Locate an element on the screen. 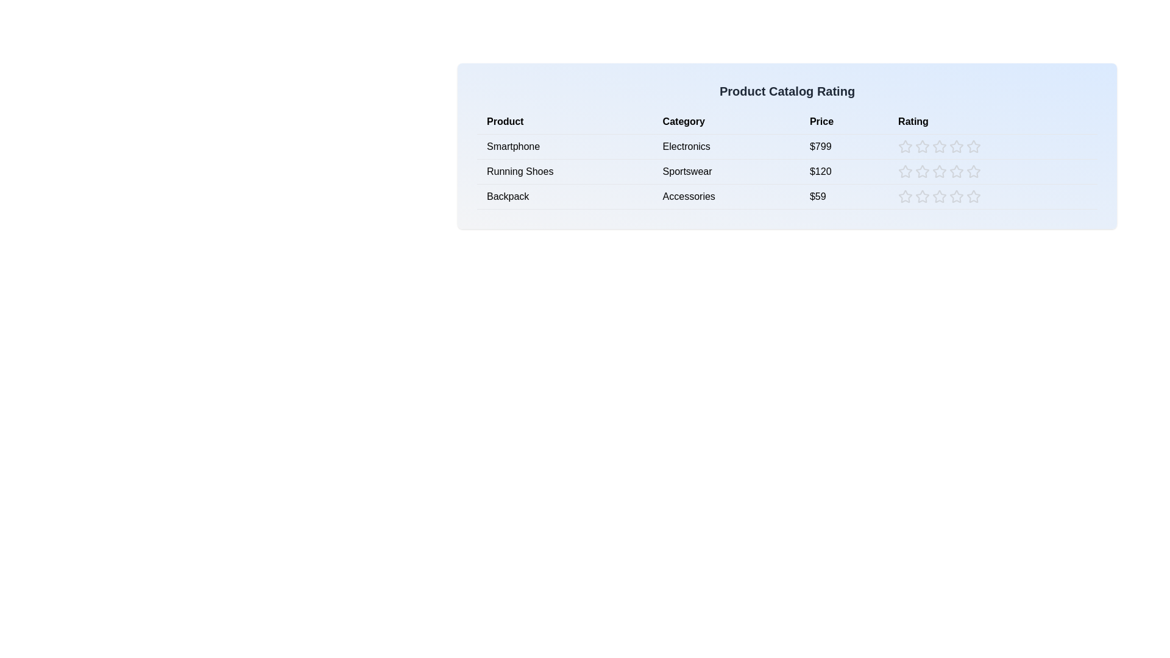 This screenshot has height=658, width=1170. the rating for a product to 4 stars is located at coordinates (956, 146).